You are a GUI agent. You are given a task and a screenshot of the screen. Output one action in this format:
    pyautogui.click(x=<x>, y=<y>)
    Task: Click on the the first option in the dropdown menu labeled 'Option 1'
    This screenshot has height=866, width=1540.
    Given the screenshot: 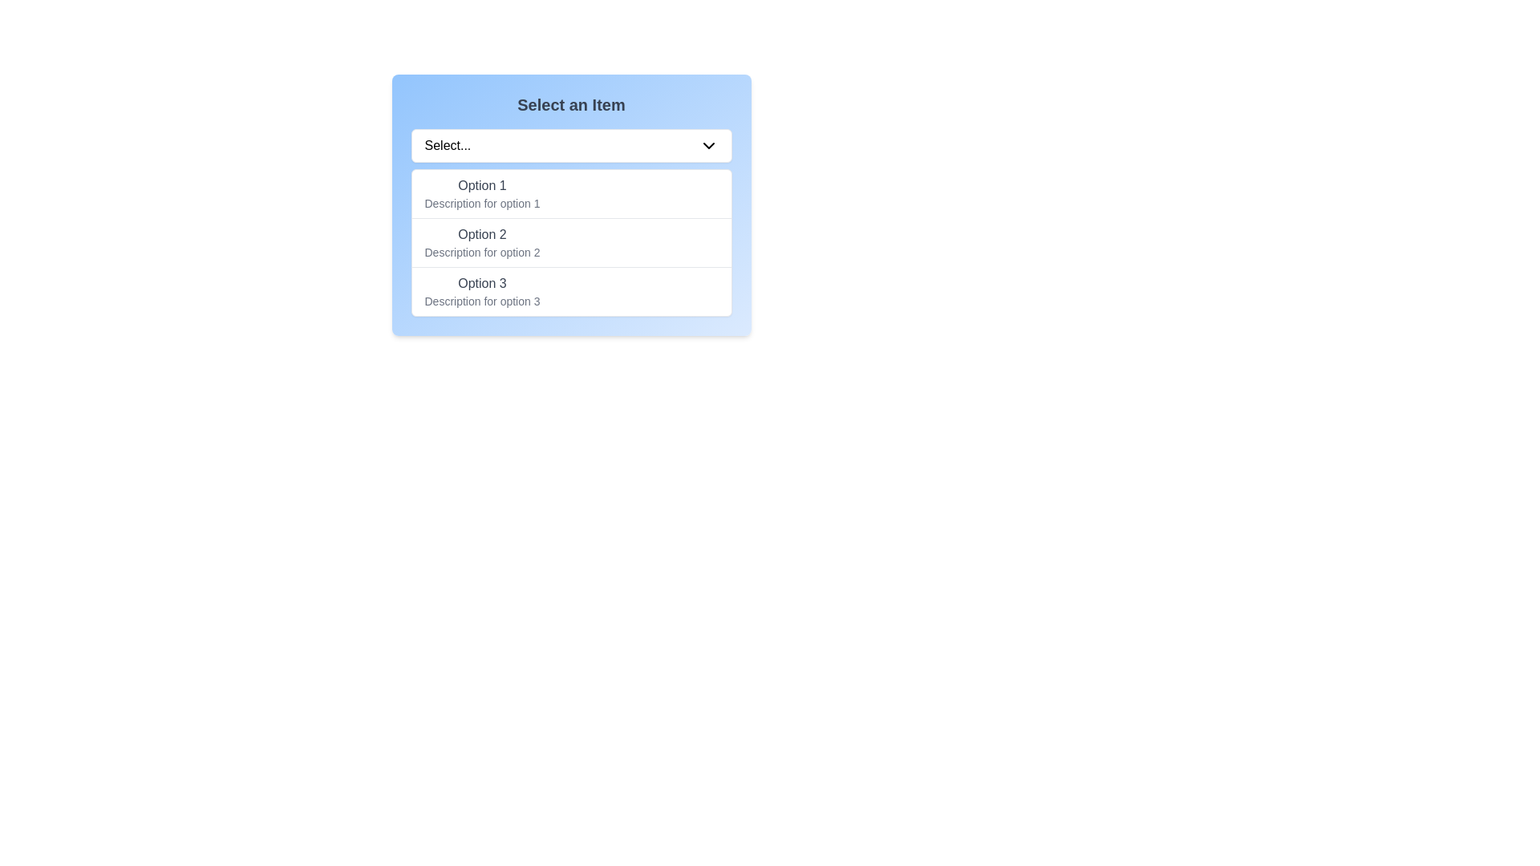 What is the action you would take?
    pyautogui.click(x=481, y=193)
    